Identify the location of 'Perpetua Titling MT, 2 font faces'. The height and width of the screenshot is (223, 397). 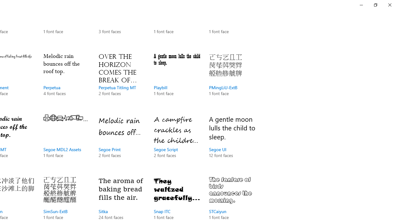
(122, 81).